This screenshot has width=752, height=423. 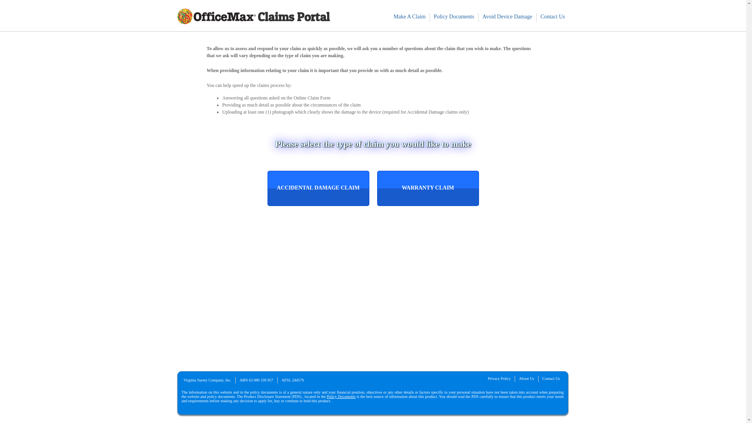 I want to click on 'Policy Documents', so click(x=341, y=396).